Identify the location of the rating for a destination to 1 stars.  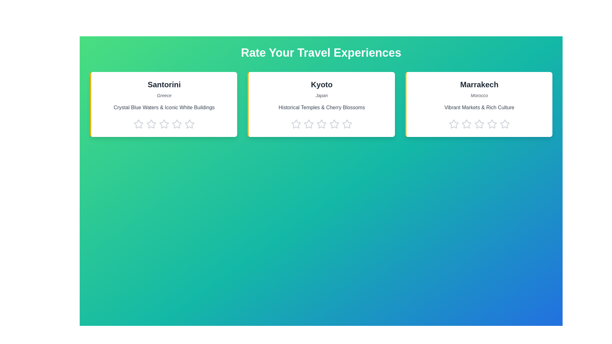
(138, 124).